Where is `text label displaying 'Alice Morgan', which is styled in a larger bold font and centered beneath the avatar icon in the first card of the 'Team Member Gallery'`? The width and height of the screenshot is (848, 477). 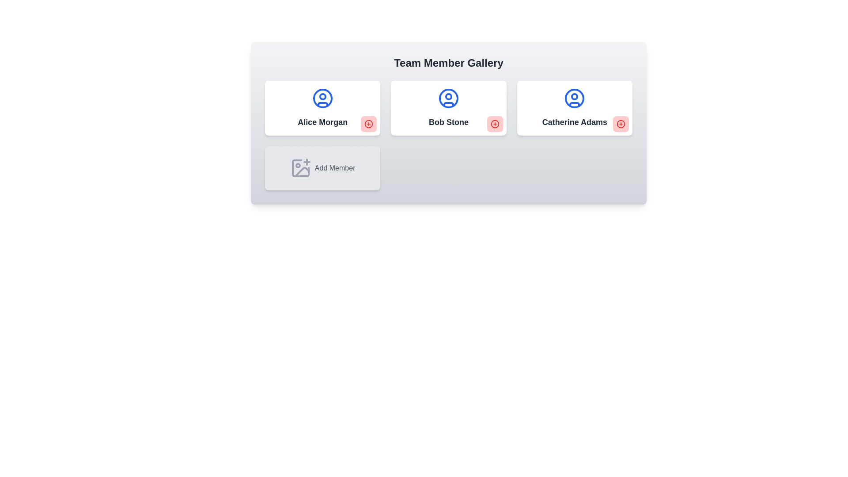
text label displaying 'Alice Morgan', which is styled in a larger bold font and centered beneath the avatar icon in the first card of the 'Team Member Gallery' is located at coordinates (322, 122).